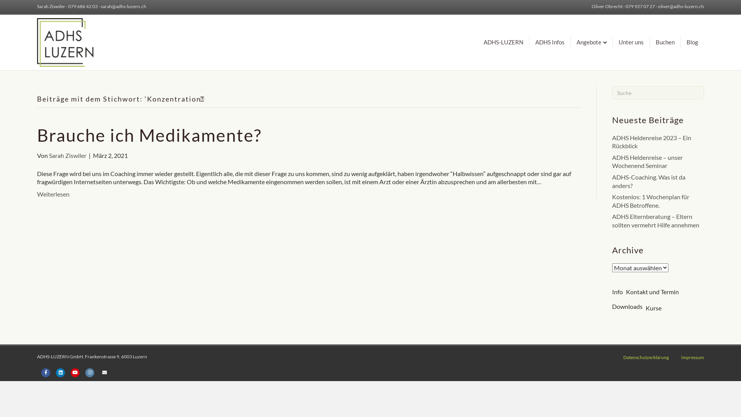 The image size is (741, 417). Describe the element at coordinates (68, 155) in the screenshot. I see `'Sarah Ziswiler'` at that location.